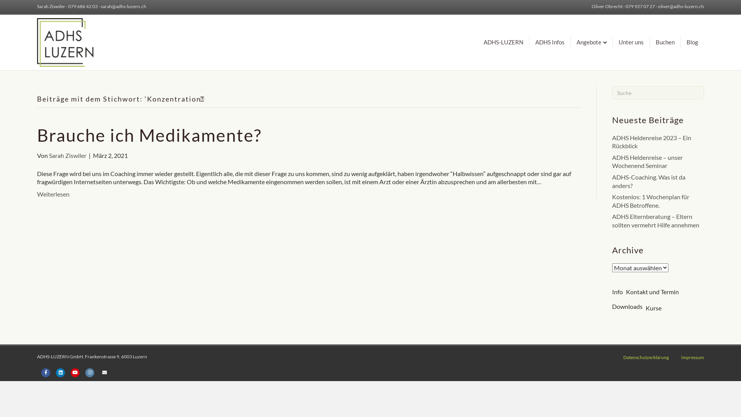 The image size is (741, 417). Describe the element at coordinates (68, 155) in the screenshot. I see `'Sarah Ziswiler'` at that location.